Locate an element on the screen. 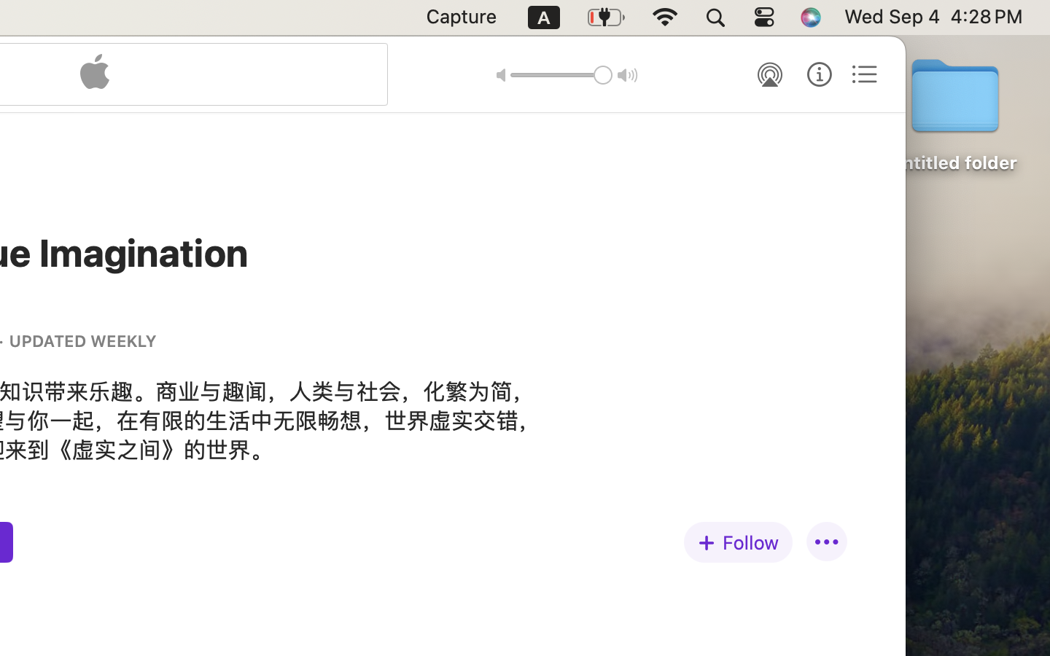 This screenshot has width=1050, height=656. '1.0' is located at coordinates (560, 74).